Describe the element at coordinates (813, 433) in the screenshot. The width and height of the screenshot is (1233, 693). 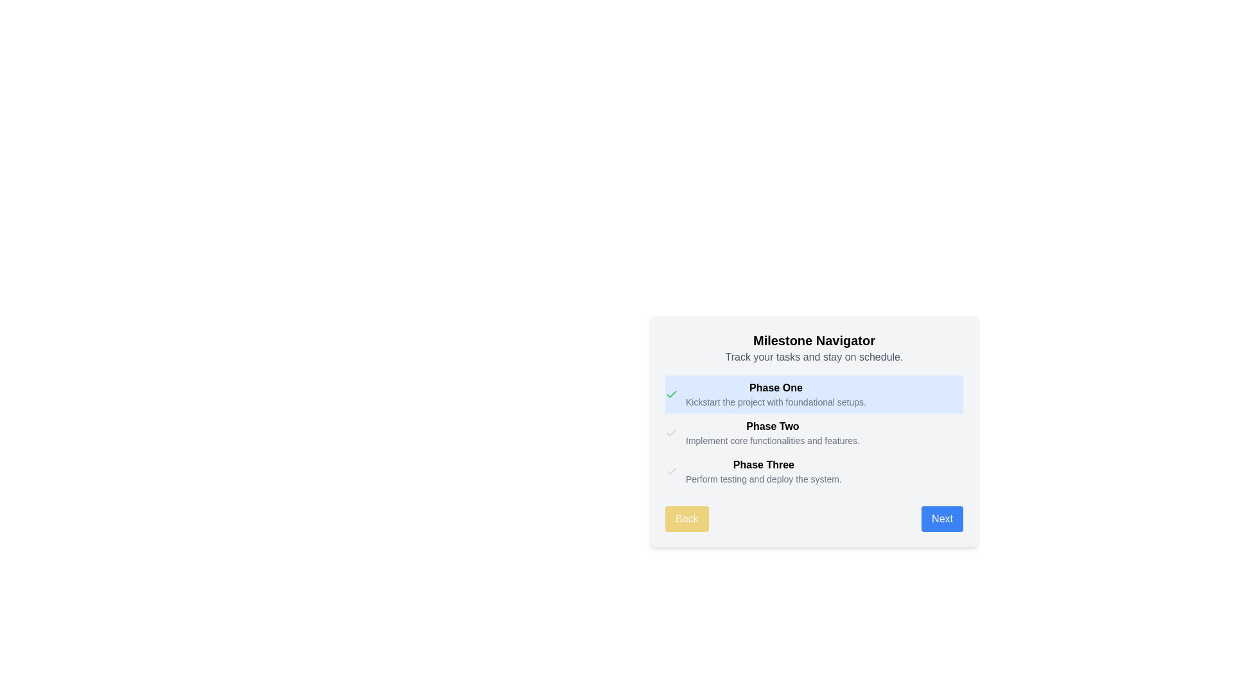
I see `the second item in the milestone navigator list, which includes a title and description of the phase's goals` at that location.